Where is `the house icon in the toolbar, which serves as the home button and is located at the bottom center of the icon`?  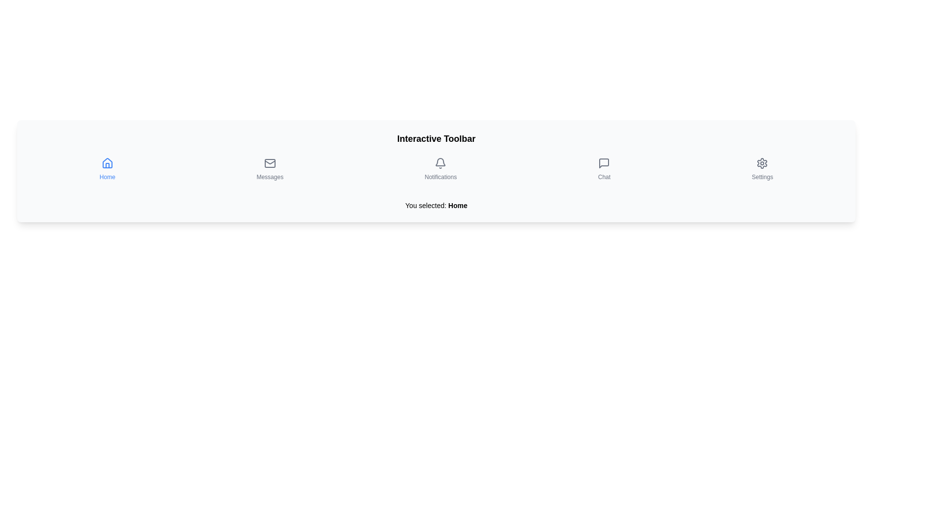
the house icon in the toolbar, which serves as the home button and is located at the bottom center of the icon is located at coordinates (107, 165).